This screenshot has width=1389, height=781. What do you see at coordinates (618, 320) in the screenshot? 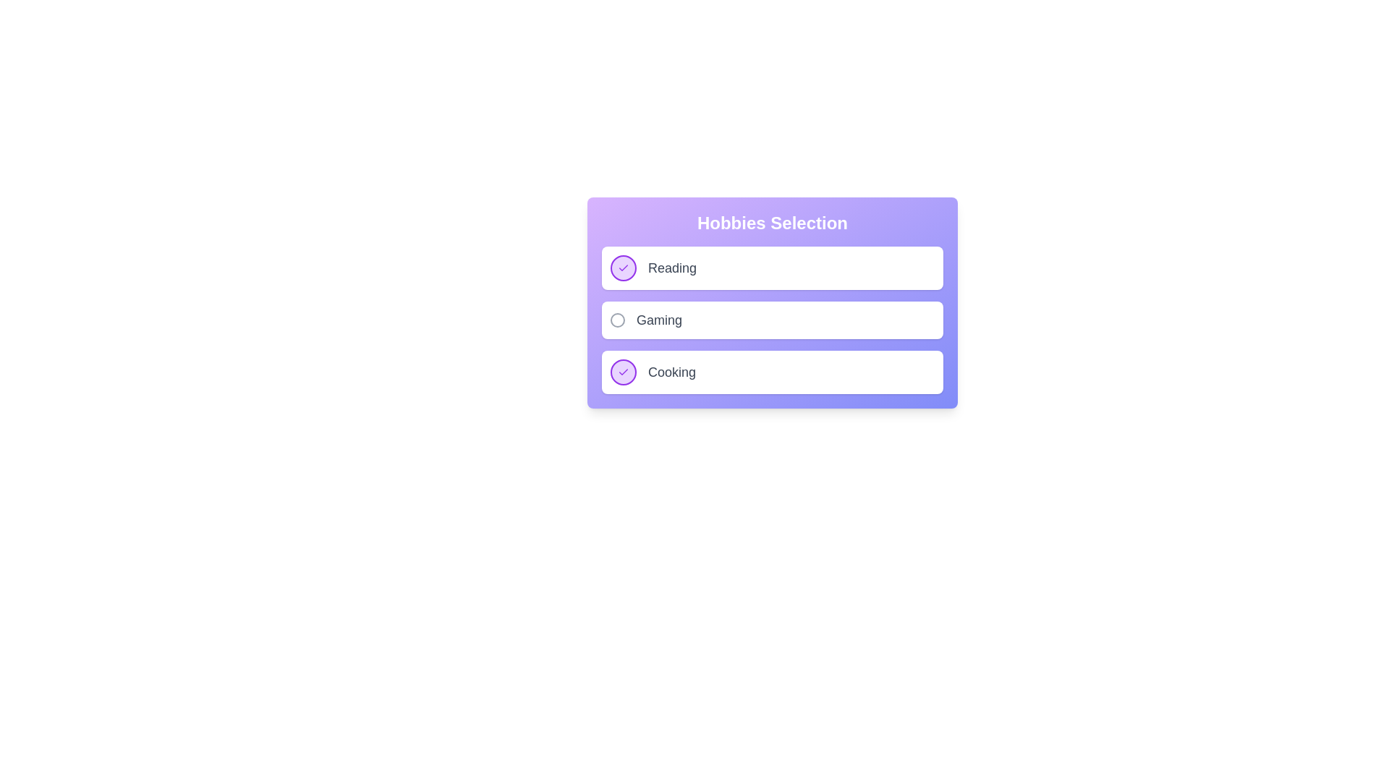
I see `the activity Gaming by clicking its respective button` at bounding box center [618, 320].